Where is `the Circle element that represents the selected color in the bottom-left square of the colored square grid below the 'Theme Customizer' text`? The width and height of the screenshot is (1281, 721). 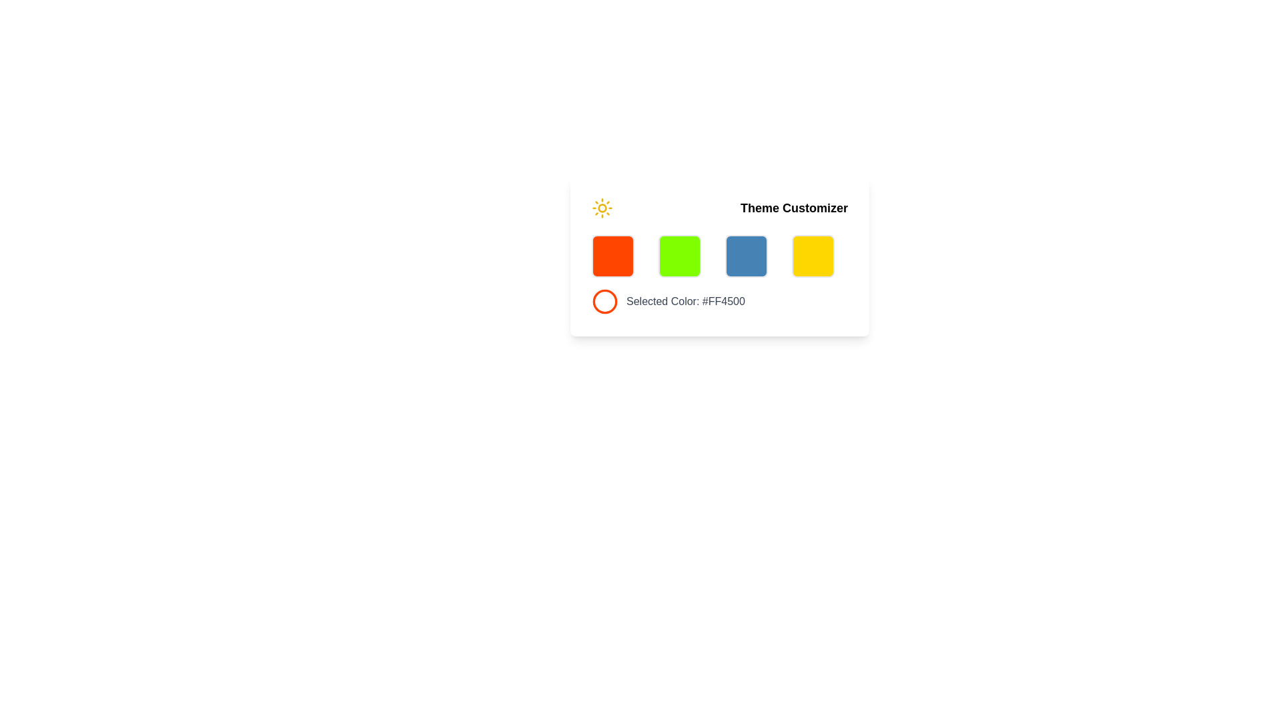
the Circle element that represents the selected color in the bottom-left square of the colored square grid below the 'Theme Customizer' text is located at coordinates (604, 301).